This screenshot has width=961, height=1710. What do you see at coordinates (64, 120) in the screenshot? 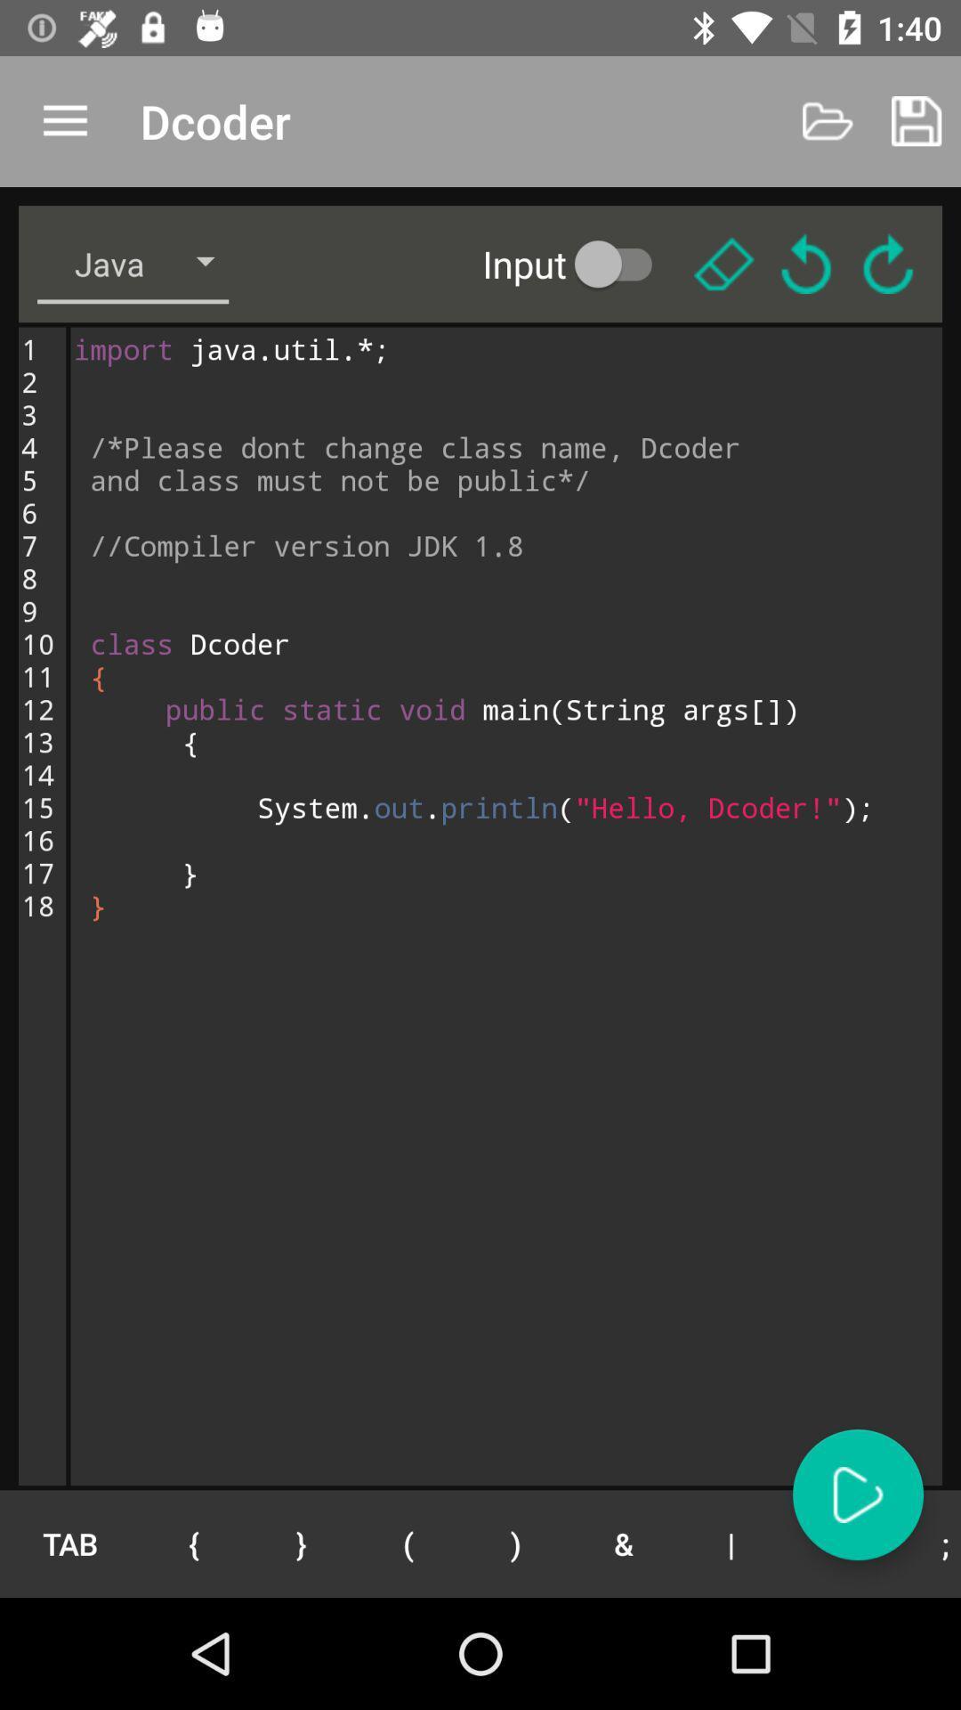
I see `app to the left of the dcoder app` at bounding box center [64, 120].